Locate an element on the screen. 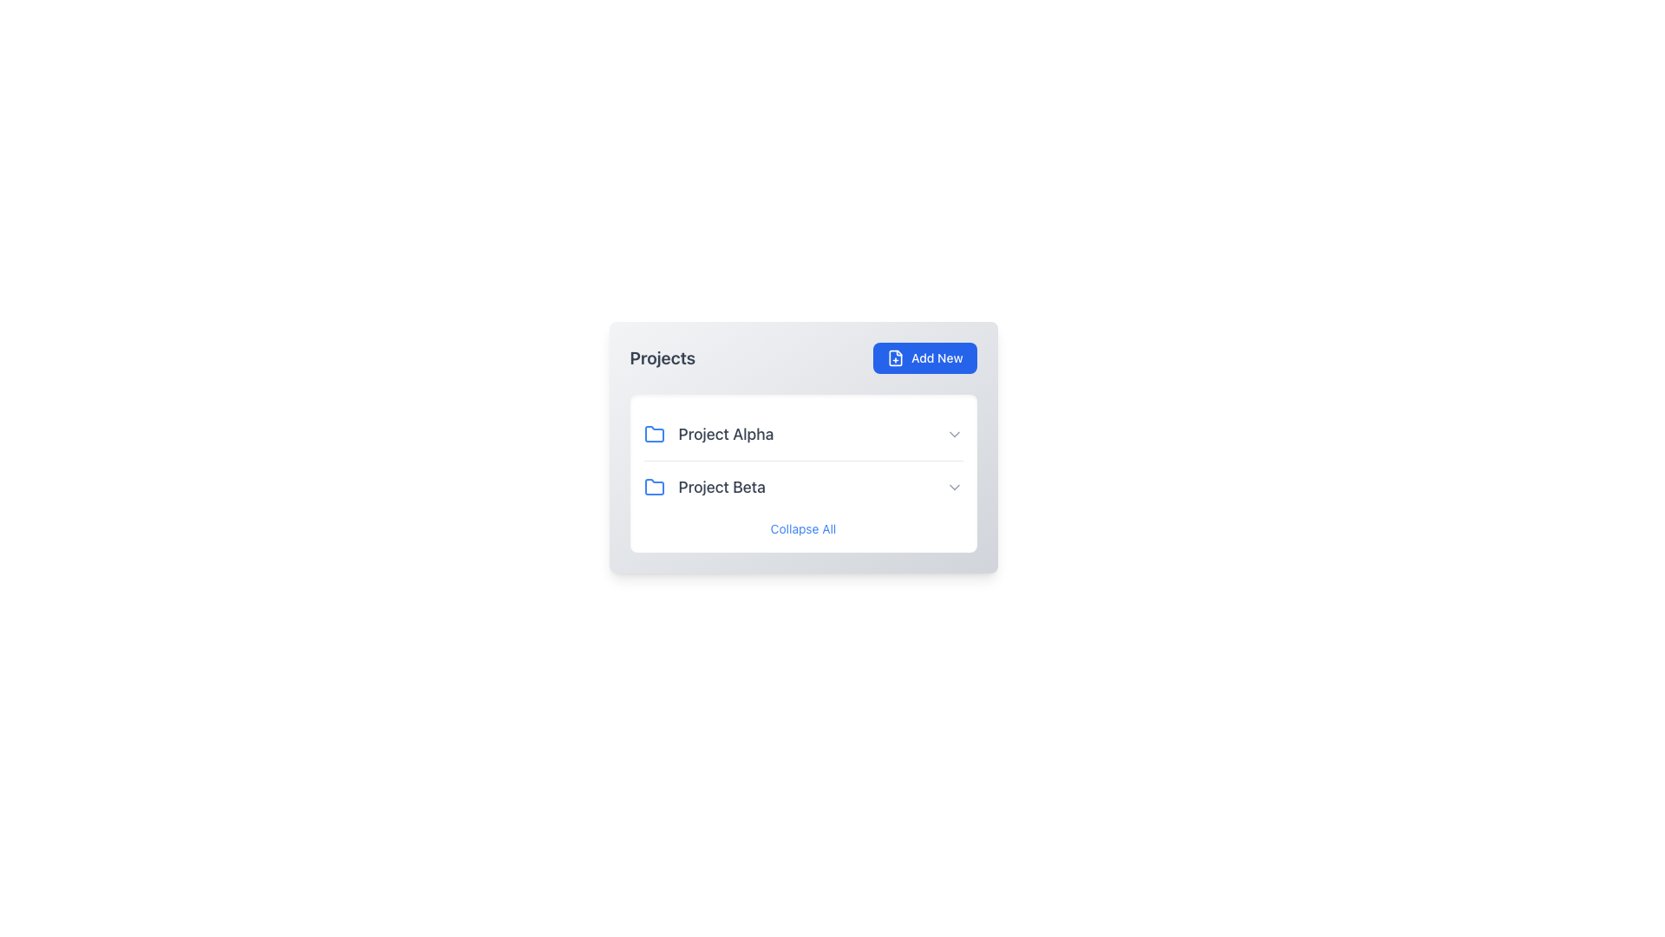  the List Item labeled 'Project Beta' is located at coordinates (802, 487).